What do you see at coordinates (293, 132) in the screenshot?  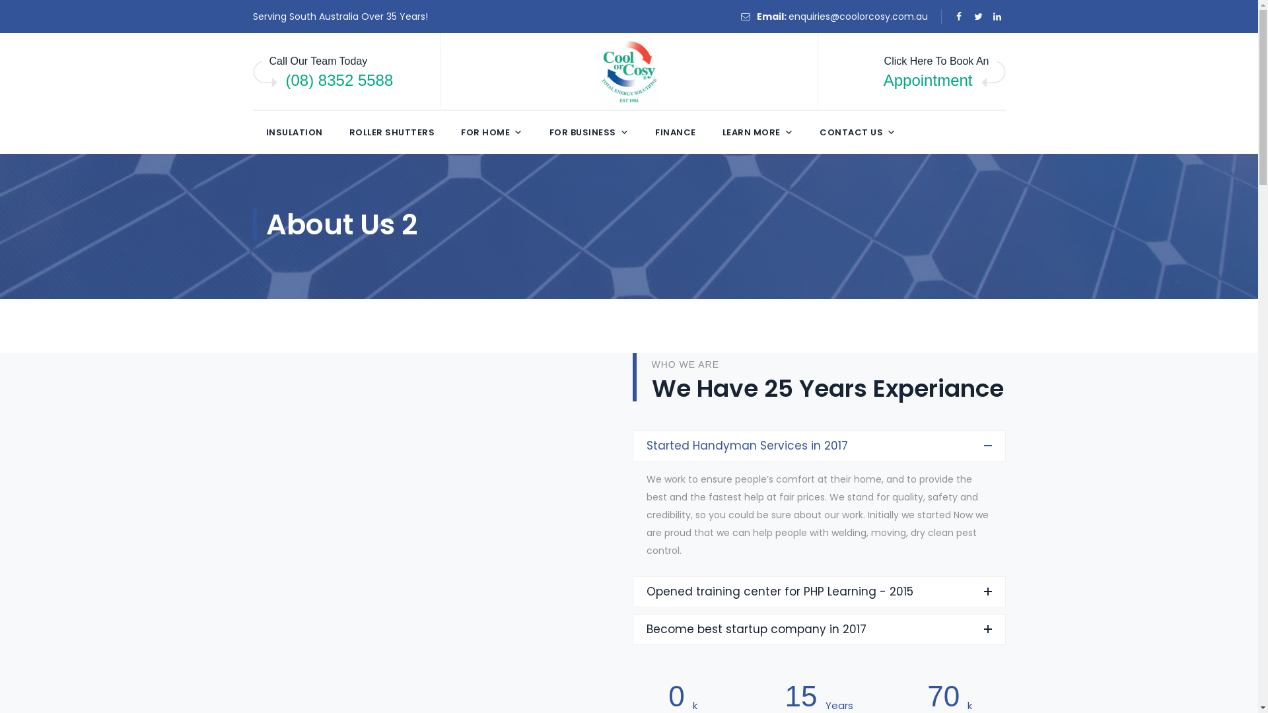 I see `'INSULATION'` at bounding box center [293, 132].